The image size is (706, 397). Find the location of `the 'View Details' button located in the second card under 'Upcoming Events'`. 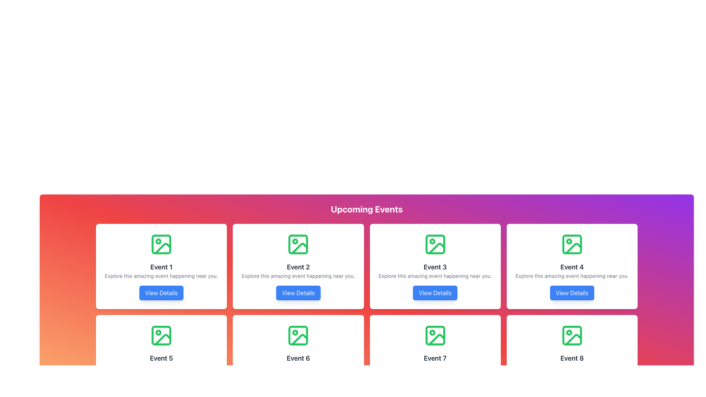

the 'View Details' button located in the second card under 'Upcoming Events' is located at coordinates (298, 293).